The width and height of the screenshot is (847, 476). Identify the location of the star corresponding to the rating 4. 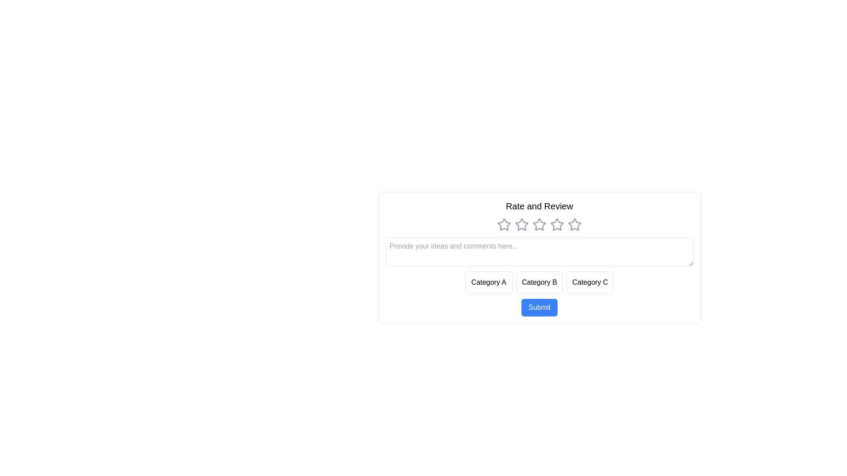
(556, 224).